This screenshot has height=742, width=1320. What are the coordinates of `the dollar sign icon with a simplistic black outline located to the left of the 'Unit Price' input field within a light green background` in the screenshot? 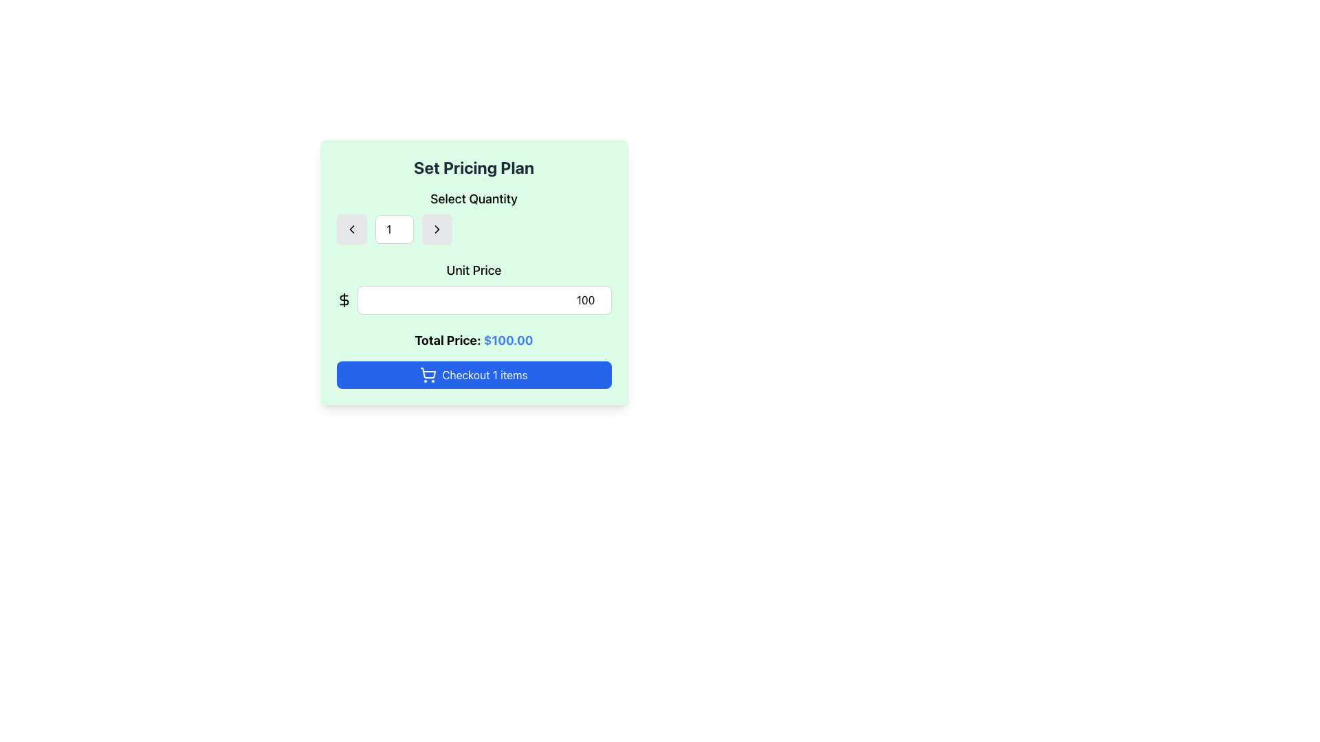 It's located at (344, 299).